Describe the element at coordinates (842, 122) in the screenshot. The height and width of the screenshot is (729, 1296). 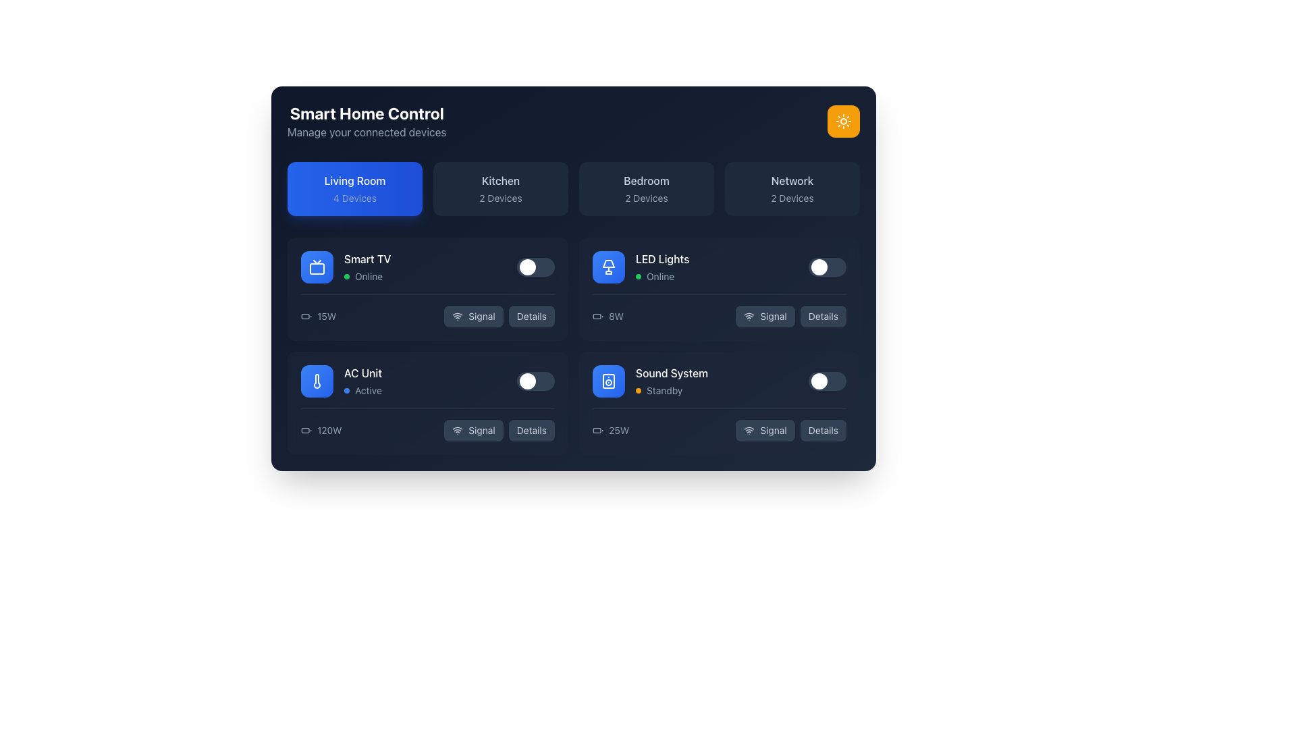
I see `the sun icon button with a white sun on a yellow-orange background located in the top-right corner of the interface` at that location.